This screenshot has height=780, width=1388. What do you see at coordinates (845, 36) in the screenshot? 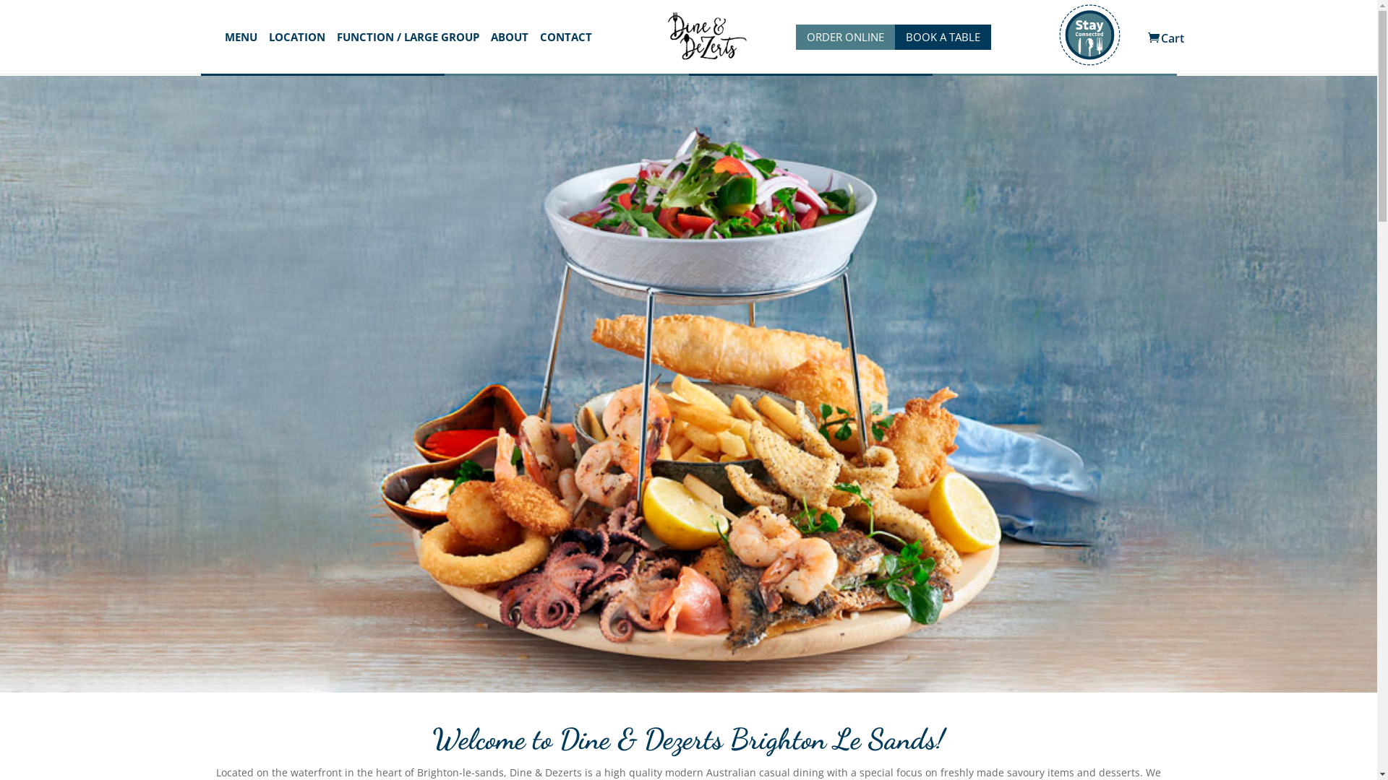
I see `'ORDER ONLINE'` at bounding box center [845, 36].